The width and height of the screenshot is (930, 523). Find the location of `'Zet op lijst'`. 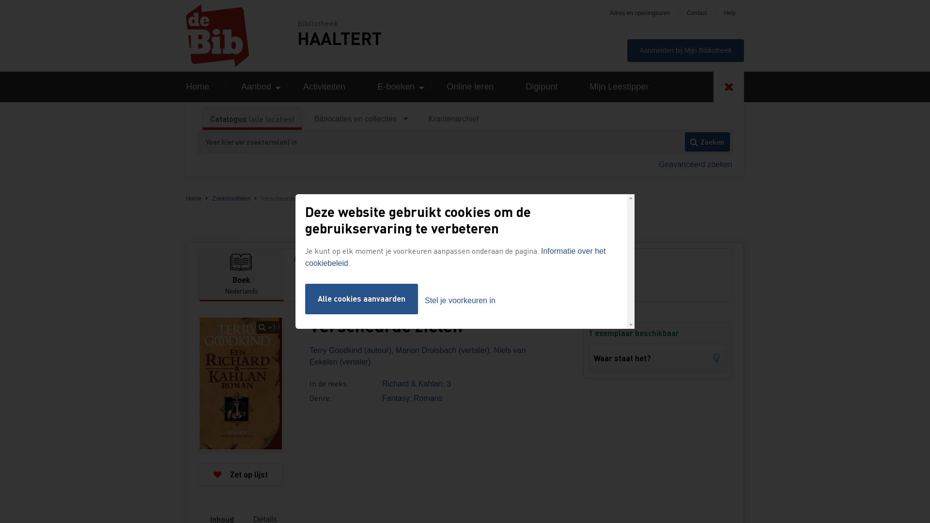

'Zet op lijst' is located at coordinates (241, 474).